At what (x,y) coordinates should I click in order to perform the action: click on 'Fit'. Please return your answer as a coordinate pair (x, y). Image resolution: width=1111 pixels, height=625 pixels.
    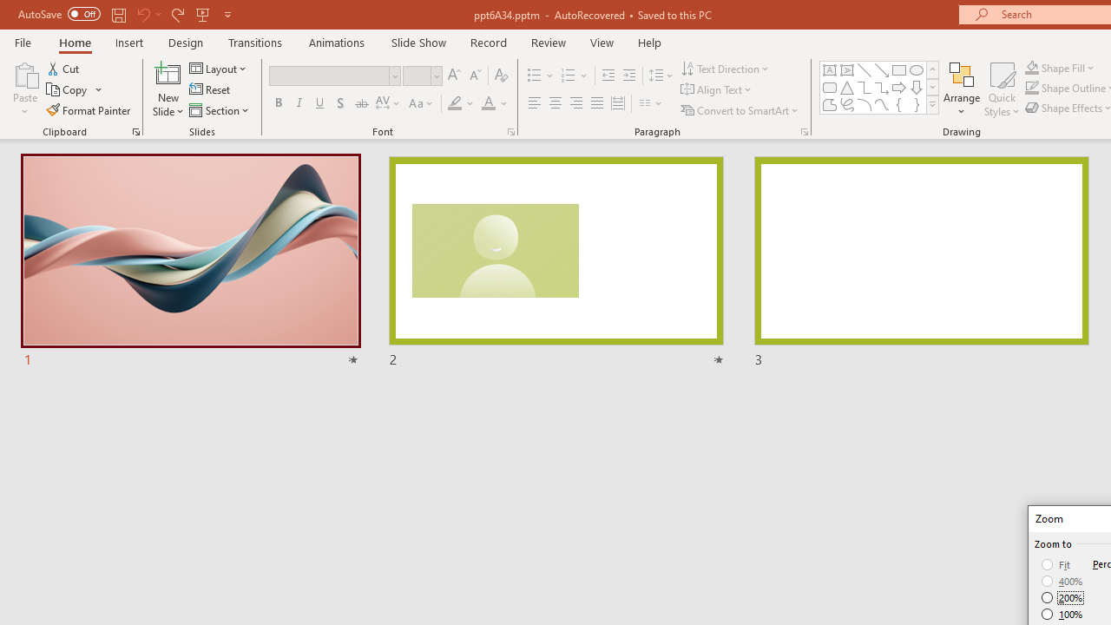
    Looking at the image, I should click on (1055, 564).